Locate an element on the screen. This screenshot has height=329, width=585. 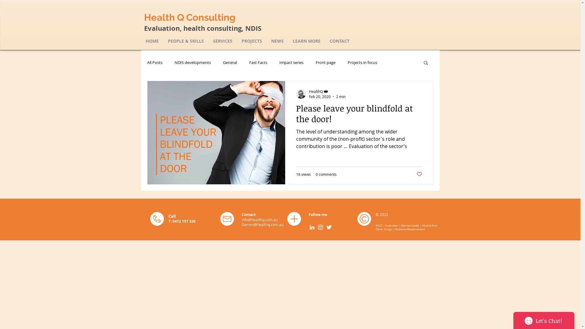
'Impact series' is located at coordinates (279, 62).